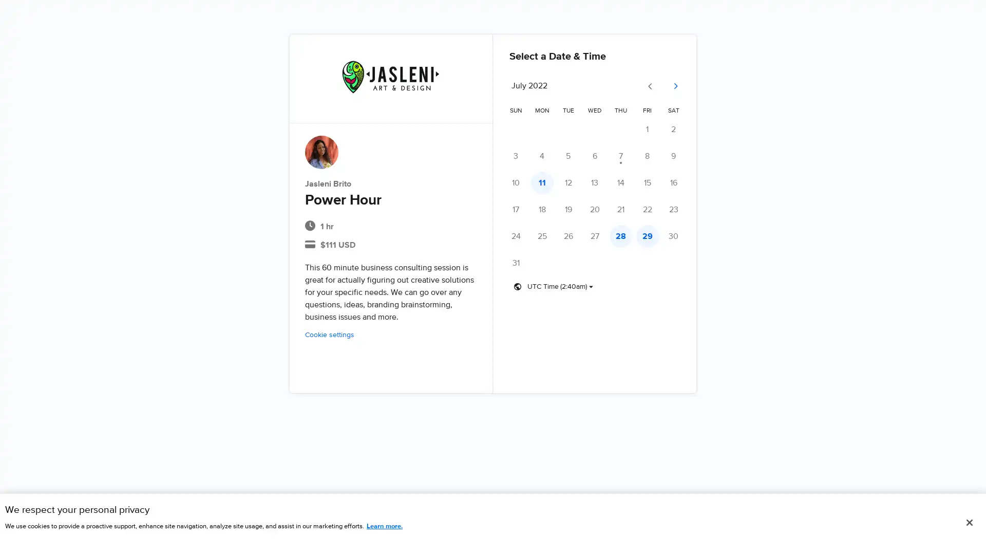 This screenshot has height=555, width=986. Describe the element at coordinates (675, 156) in the screenshot. I see `Saturday, July 9 - No times available` at that location.